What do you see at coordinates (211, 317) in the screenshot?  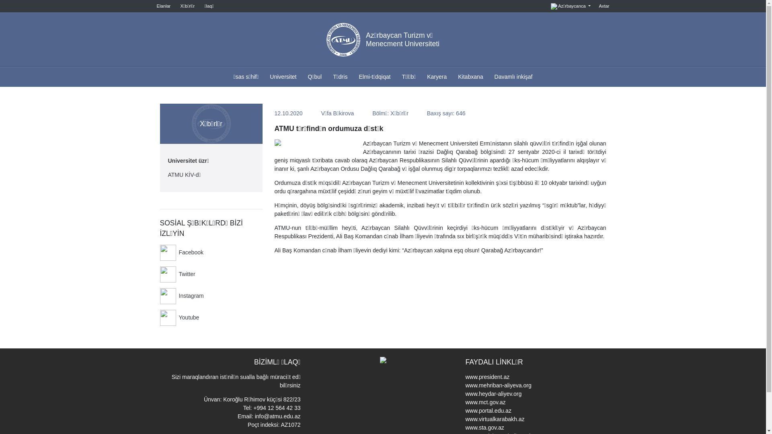 I see `'Youtube'` at bounding box center [211, 317].